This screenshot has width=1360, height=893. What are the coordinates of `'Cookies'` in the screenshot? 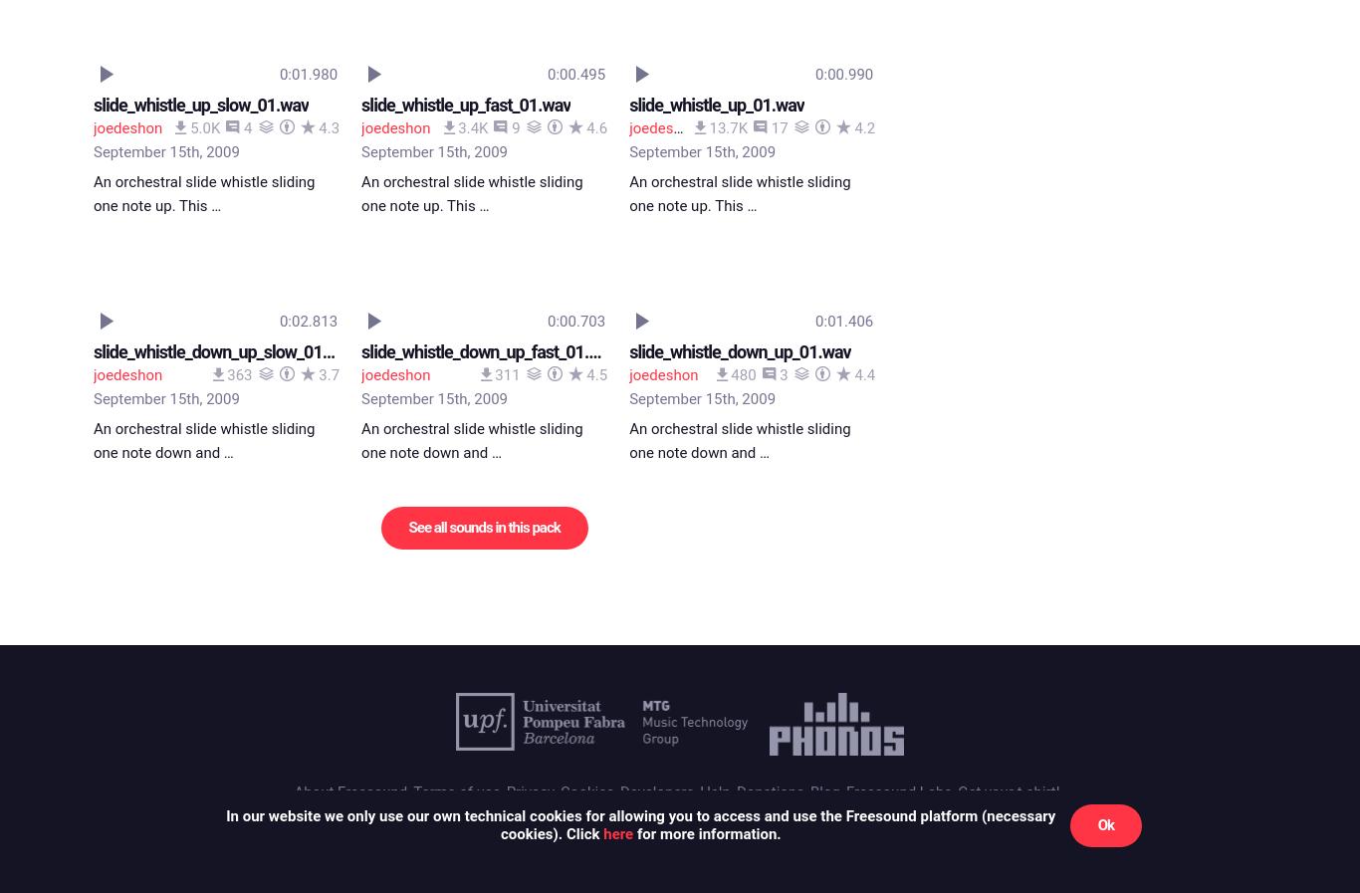 It's located at (561, 32).